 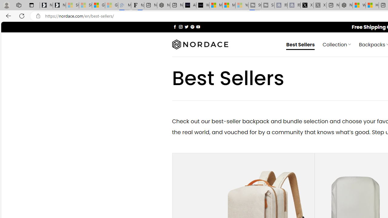 What do you see at coordinates (346, 5) in the screenshot?
I see `'Nordace - My Account'` at bounding box center [346, 5].